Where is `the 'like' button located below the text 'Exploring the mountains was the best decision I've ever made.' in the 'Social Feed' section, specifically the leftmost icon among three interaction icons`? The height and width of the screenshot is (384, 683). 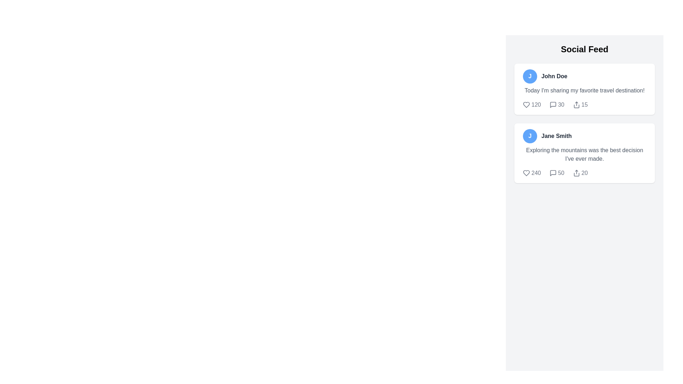 the 'like' button located below the text 'Exploring the mountains was the best decision I've ever made.' in the 'Social Feed' section, specifically the leftmost icon among three interaction icons is located at coordinates (526, 173).